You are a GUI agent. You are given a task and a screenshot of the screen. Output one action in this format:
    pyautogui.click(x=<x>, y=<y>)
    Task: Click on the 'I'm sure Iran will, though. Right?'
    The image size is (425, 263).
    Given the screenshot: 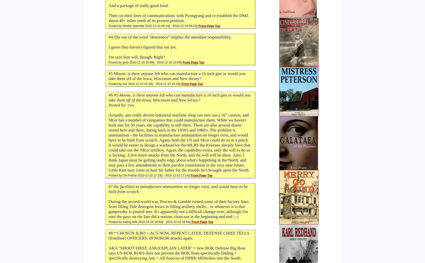 What is the action you would take?
    pyautogui.click(x=136, y=57)
    